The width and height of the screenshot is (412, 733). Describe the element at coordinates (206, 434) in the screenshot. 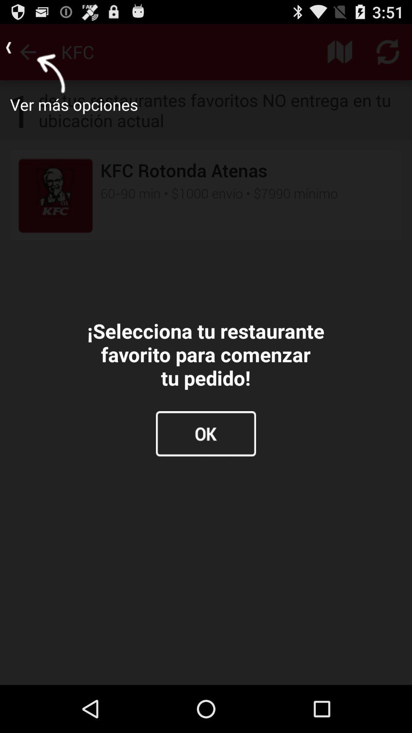

I see `the item below the selecciona tu restaurante` at that location.